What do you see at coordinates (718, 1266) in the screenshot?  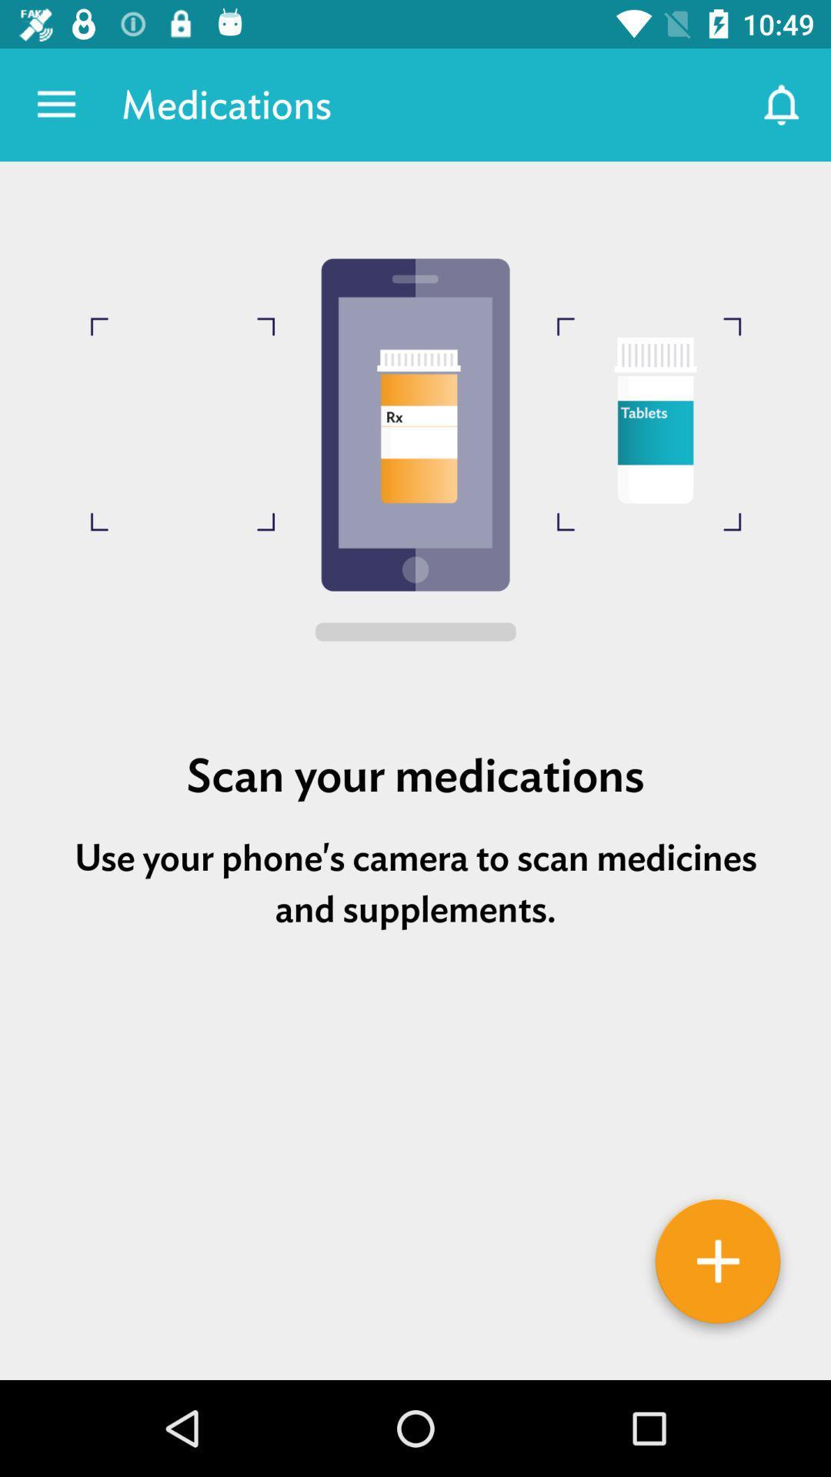 I see `the add icon` at bounding box center [718, 1266].